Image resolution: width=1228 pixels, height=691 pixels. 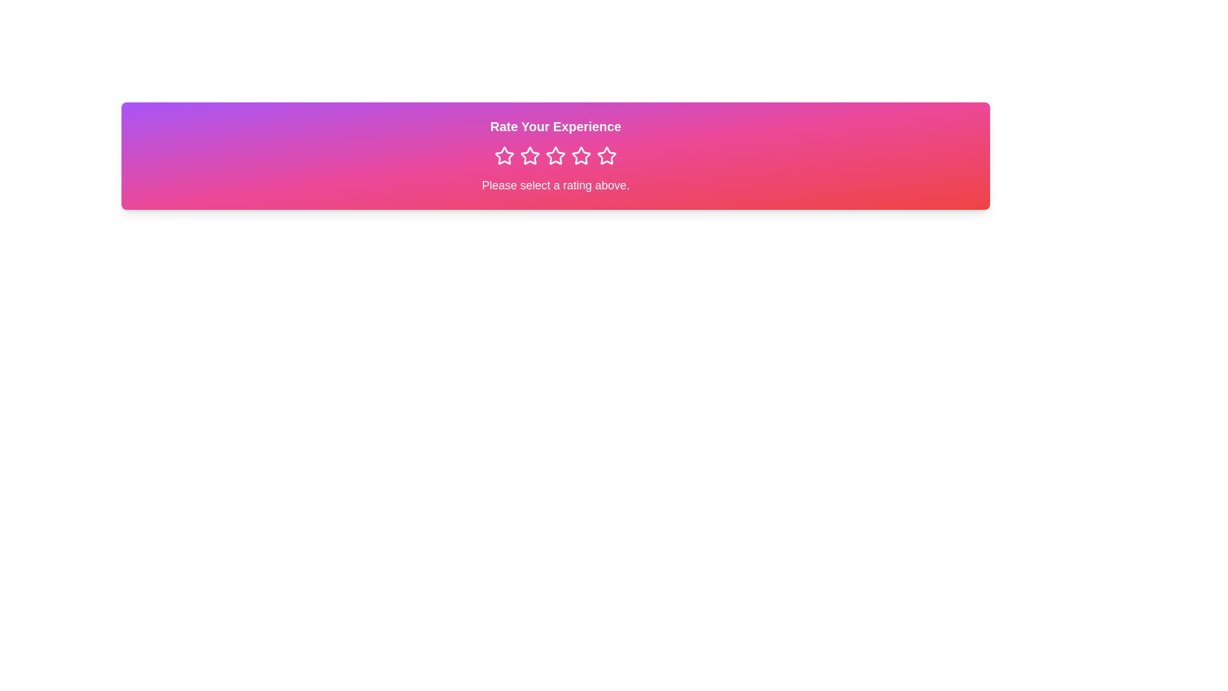 I want to click on the first star icon in the rating row, so click(x=503, y=155).